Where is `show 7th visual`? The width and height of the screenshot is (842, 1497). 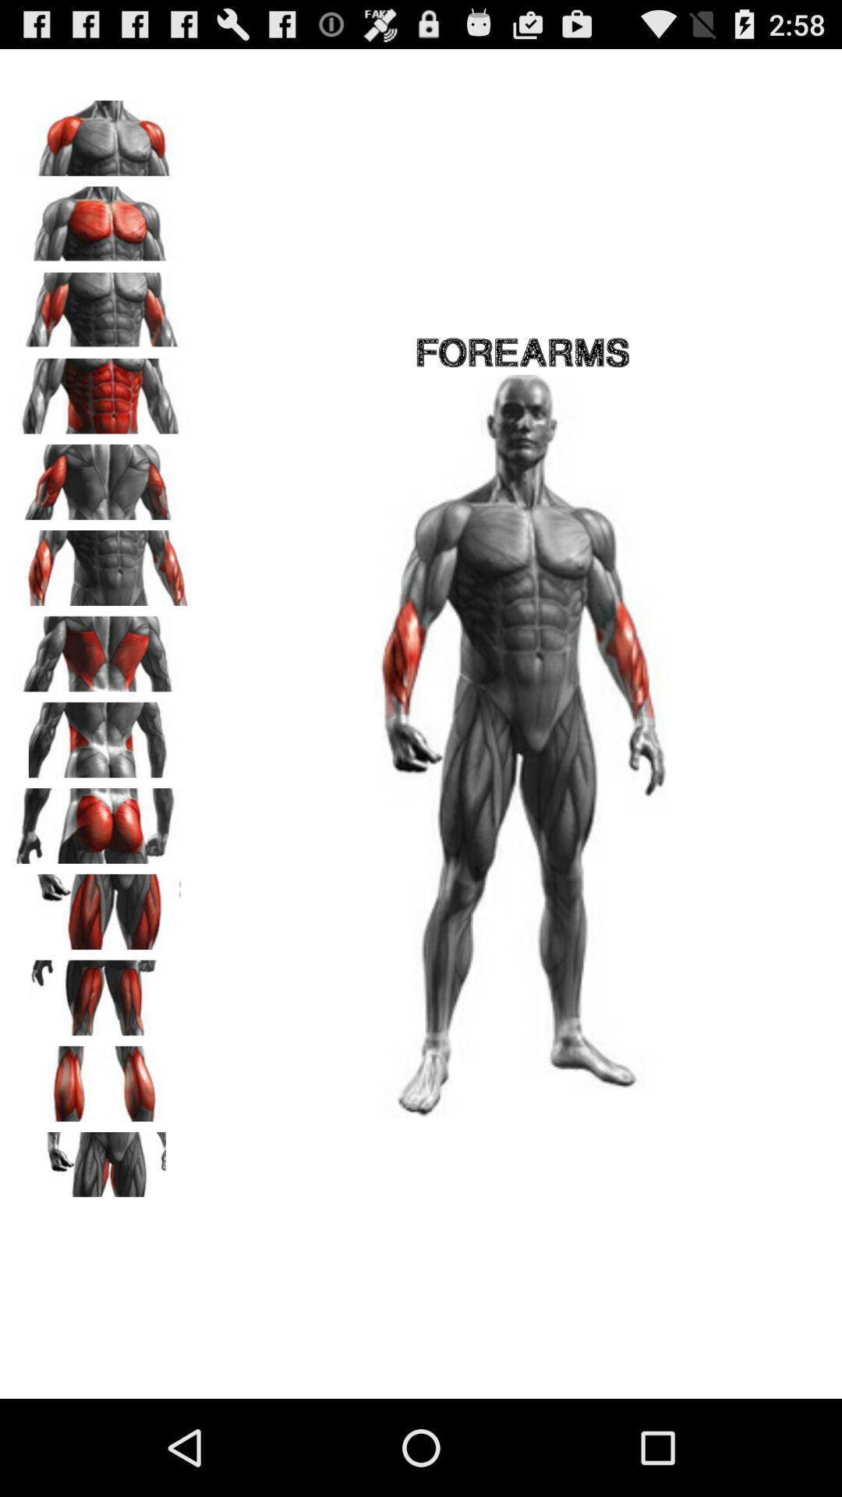
show 7th visual is located at coordinates (102, 649).